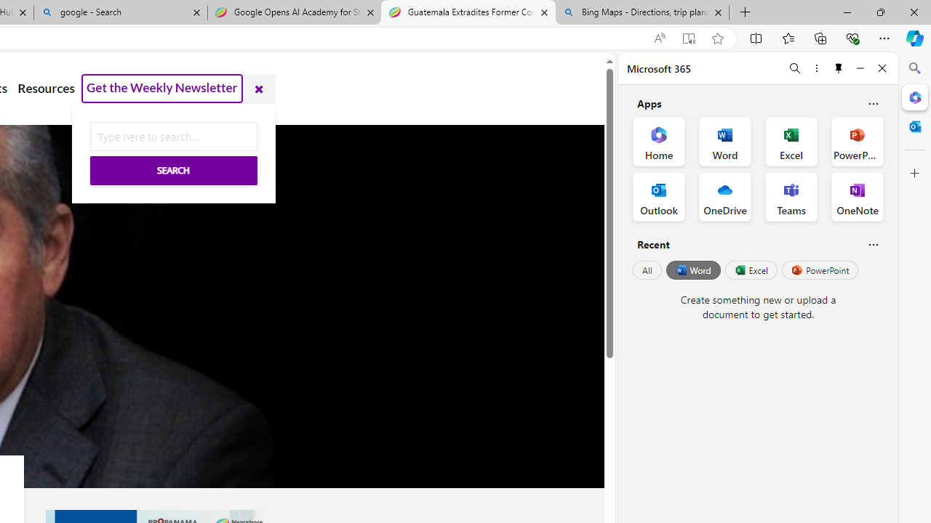 This screenshot has width=931, height=523. What do you see at coordinates (751, 270) in the screenshot?
I see `'Excel'` at bounding box center [751, 270].